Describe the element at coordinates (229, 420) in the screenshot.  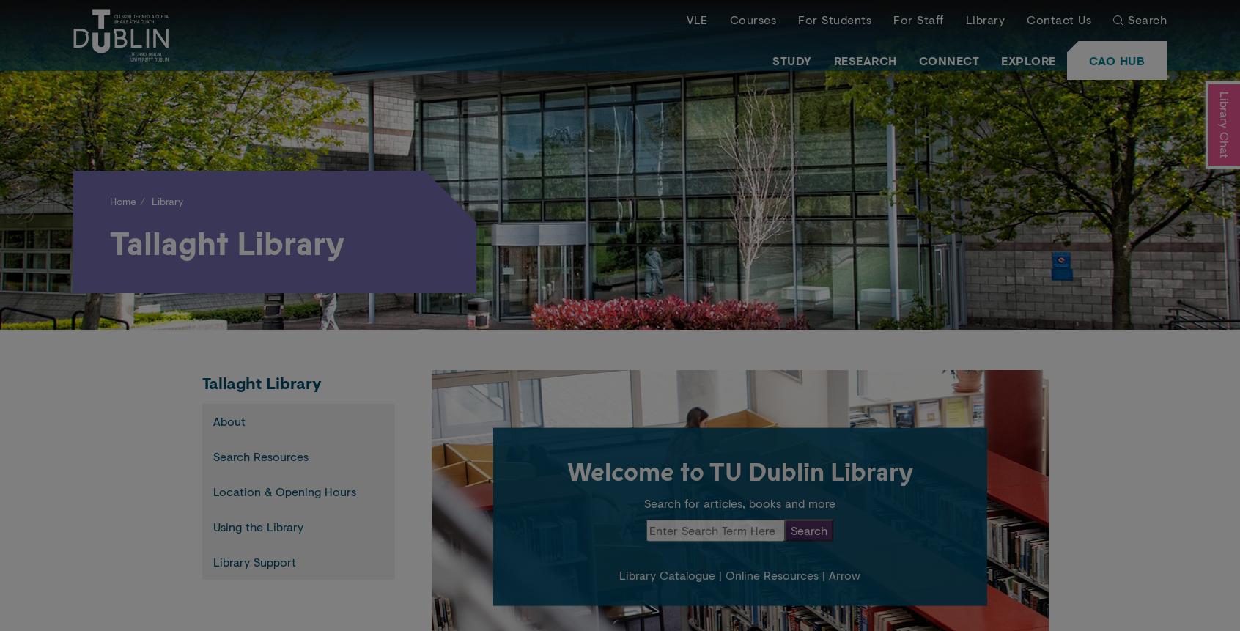
I see `'About'` at that location.